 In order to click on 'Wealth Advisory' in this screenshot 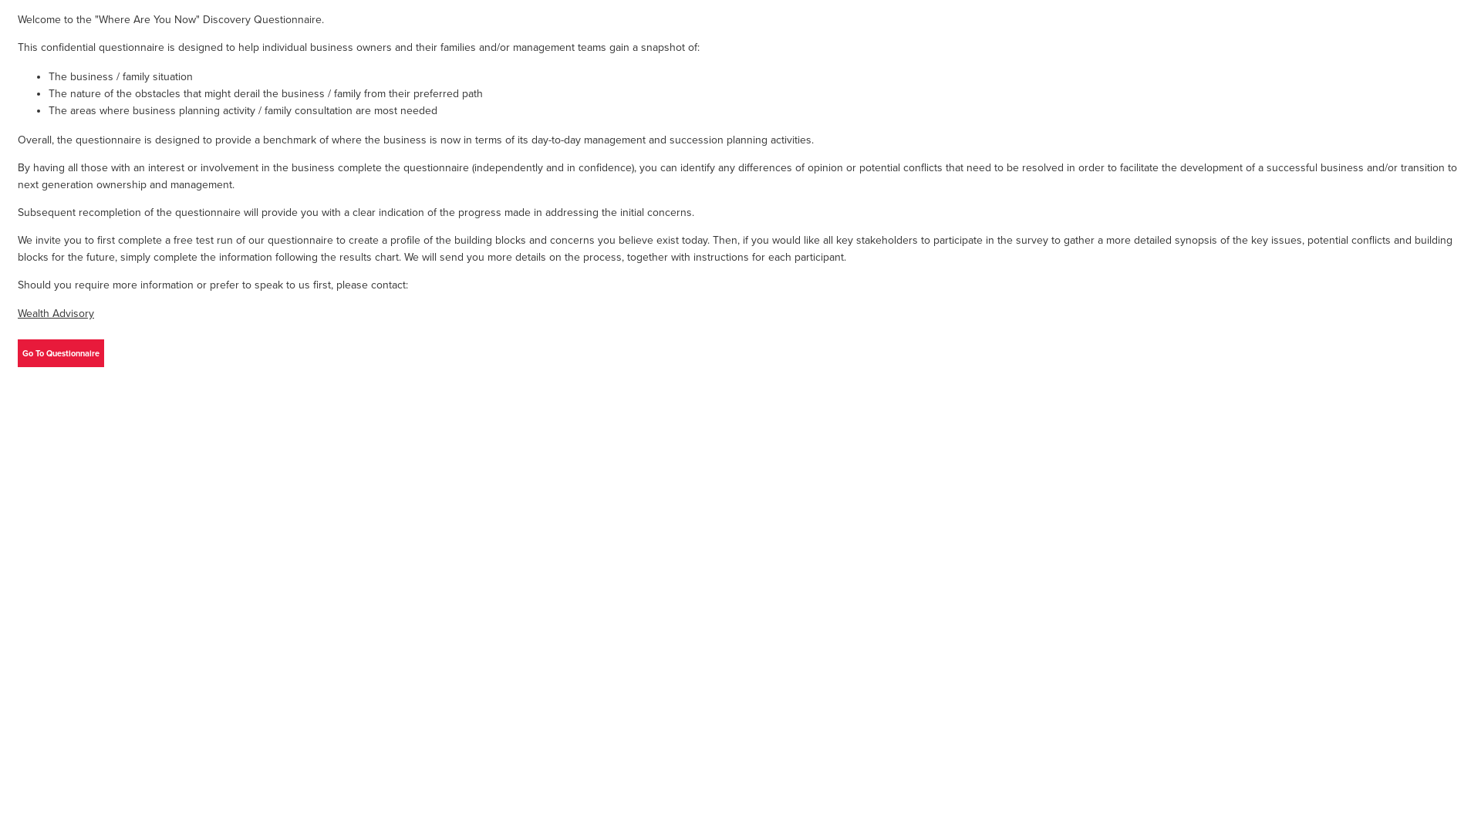, I will do `click(56, 312)`.